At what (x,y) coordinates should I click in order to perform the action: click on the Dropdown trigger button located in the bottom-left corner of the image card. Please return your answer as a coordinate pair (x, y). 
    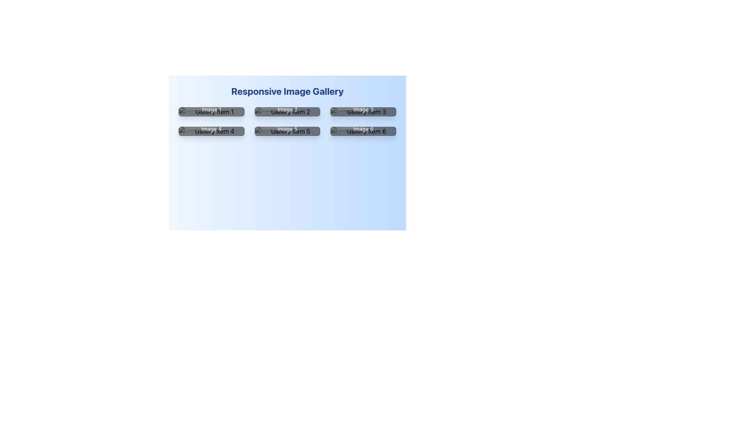
    Looking at the image, I should click on (350, 117).